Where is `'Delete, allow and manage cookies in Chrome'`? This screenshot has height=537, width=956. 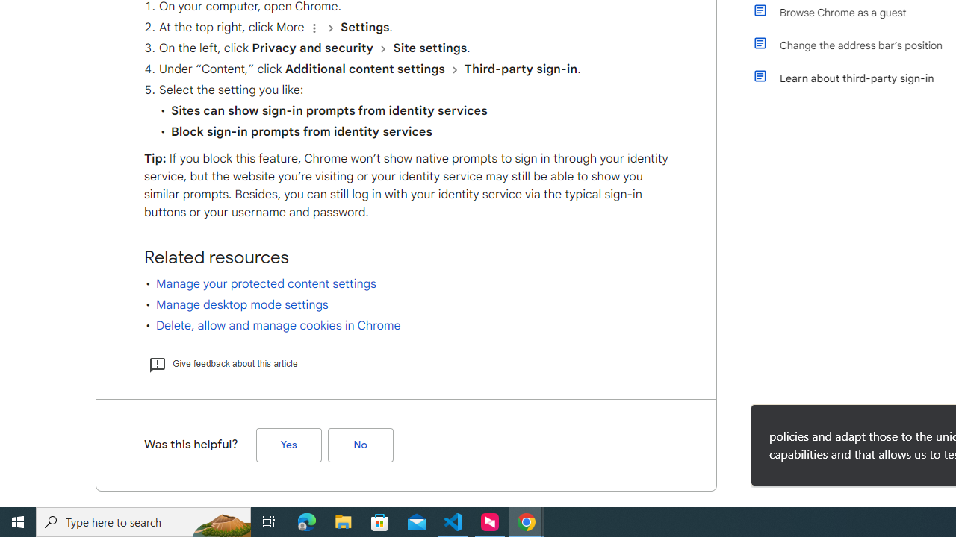
'Delete, allow and manage cookies in Chrome' is located at coordinates (279, 325).